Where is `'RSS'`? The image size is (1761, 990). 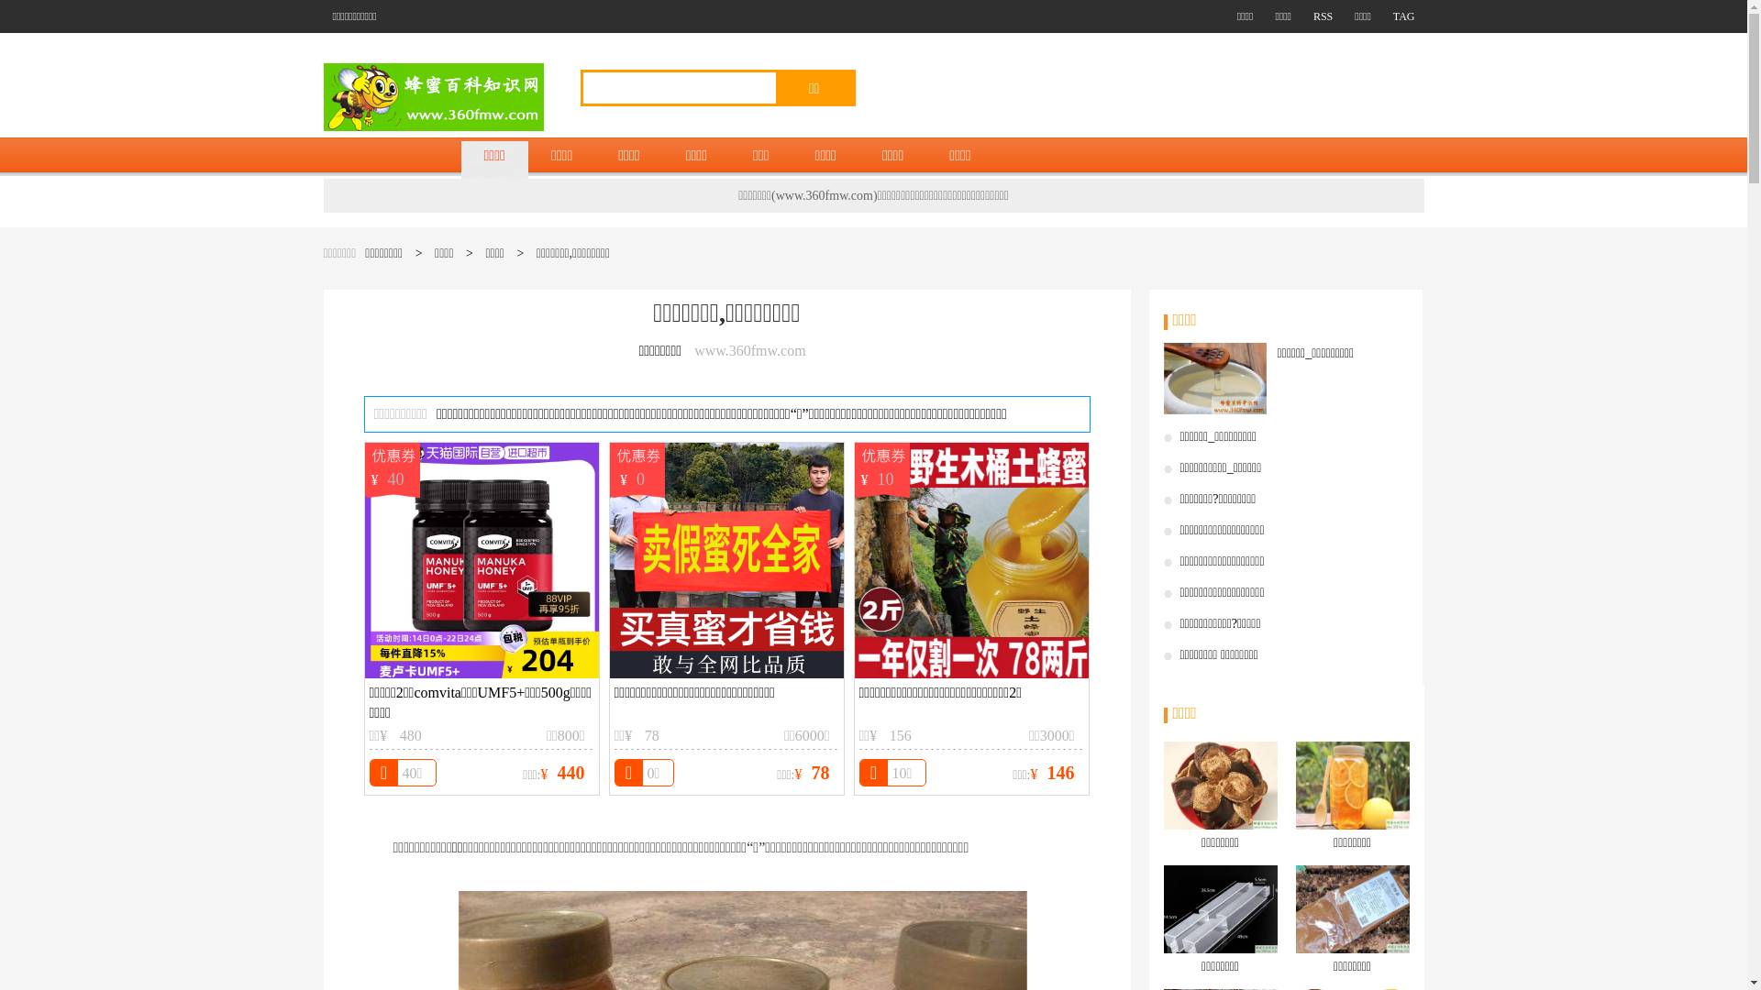
'RSS' is located at coordinates (1313, 16).